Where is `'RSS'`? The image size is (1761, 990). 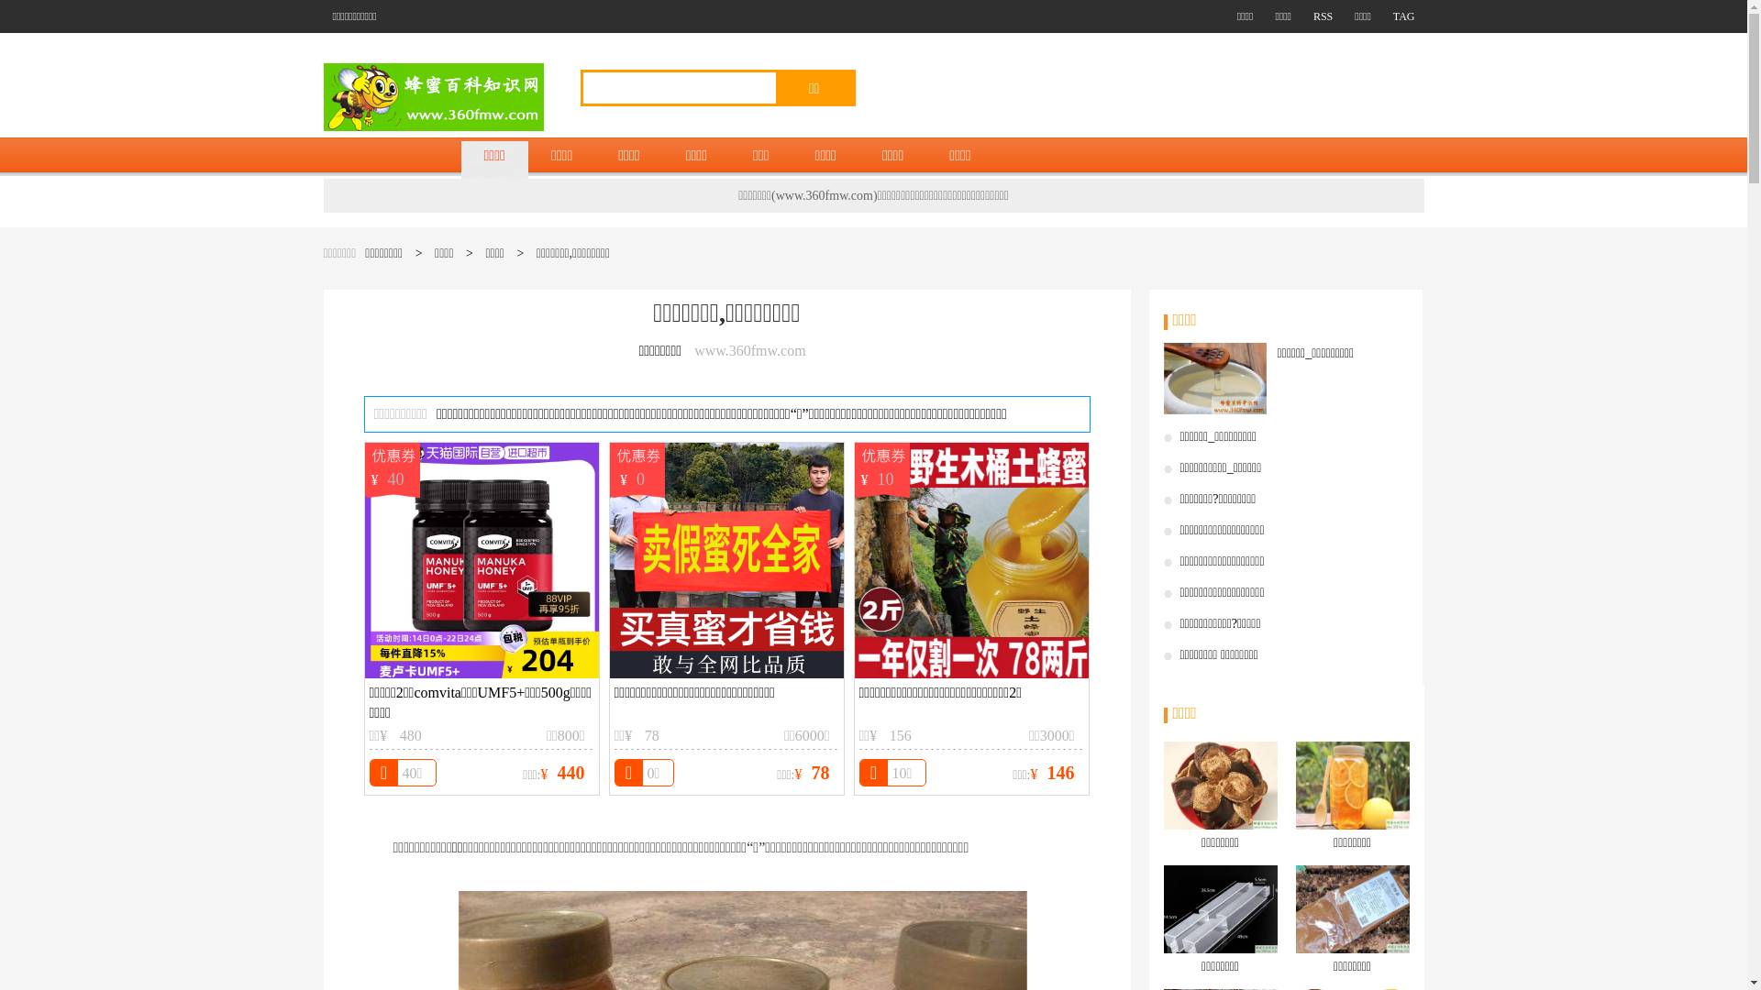
'RSS' is located at coordinates (1313, 16).